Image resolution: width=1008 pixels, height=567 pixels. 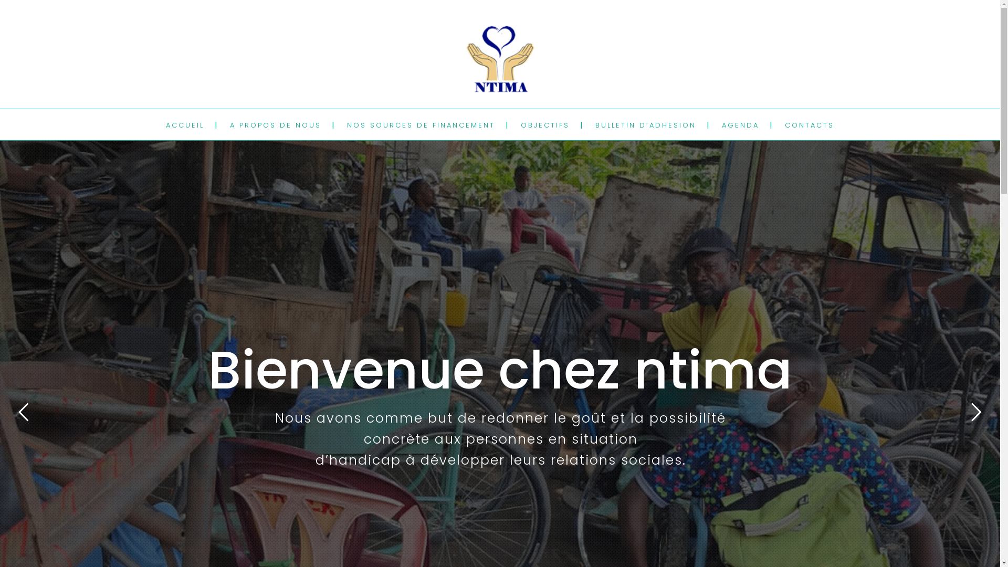 I want to click on 'NOS SOURCES DE FINANCEMENT', so click(x=421, y=124).